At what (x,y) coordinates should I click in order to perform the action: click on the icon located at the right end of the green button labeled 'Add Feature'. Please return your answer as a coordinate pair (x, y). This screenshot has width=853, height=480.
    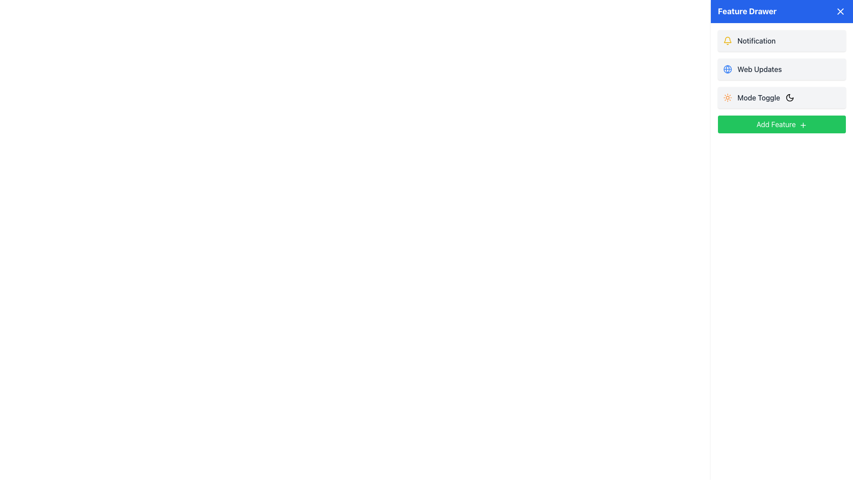
    Looking at the image, I should click on (803, 125).